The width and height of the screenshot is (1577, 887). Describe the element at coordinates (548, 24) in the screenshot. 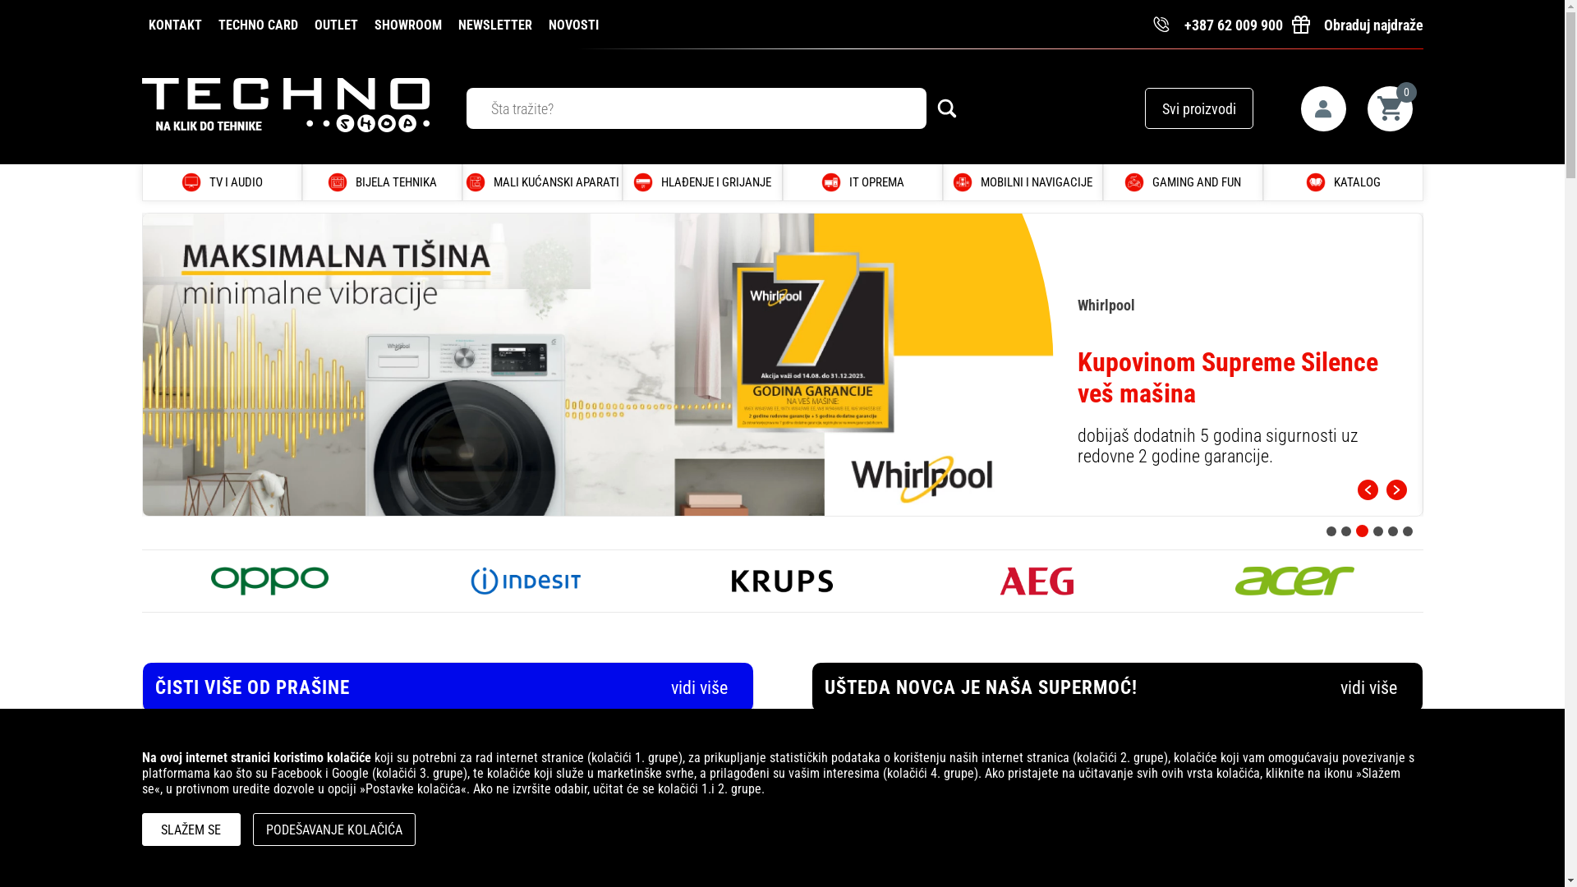

I see `'NOVOSTI'` at that location.